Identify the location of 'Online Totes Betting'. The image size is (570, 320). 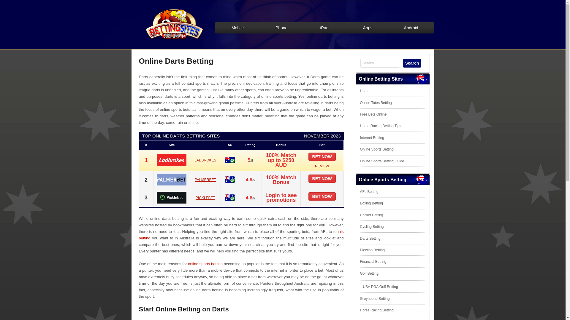
(375, 103).